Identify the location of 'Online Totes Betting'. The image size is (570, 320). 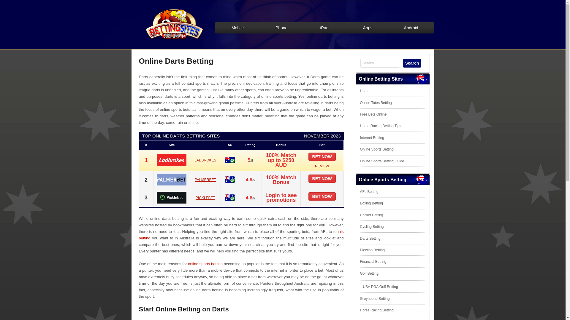
(375, 103).